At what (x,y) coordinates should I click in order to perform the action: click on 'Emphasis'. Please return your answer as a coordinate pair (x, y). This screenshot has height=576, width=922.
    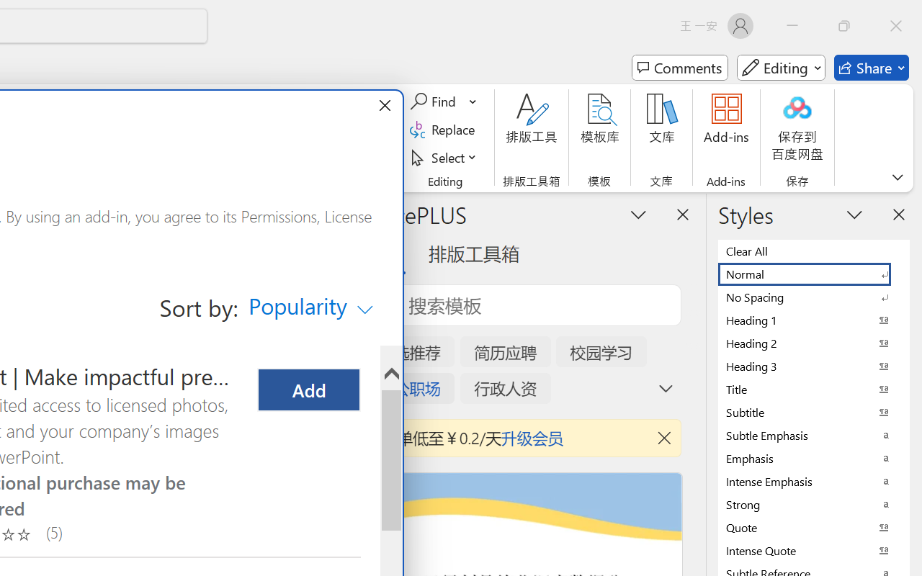
    Looking at the image, I should click on (814, 457).